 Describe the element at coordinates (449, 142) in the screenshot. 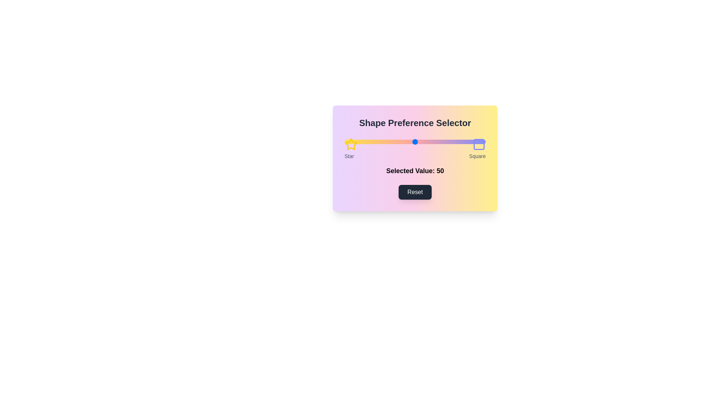

I see `the slider to set the preference value to 74` at that location.